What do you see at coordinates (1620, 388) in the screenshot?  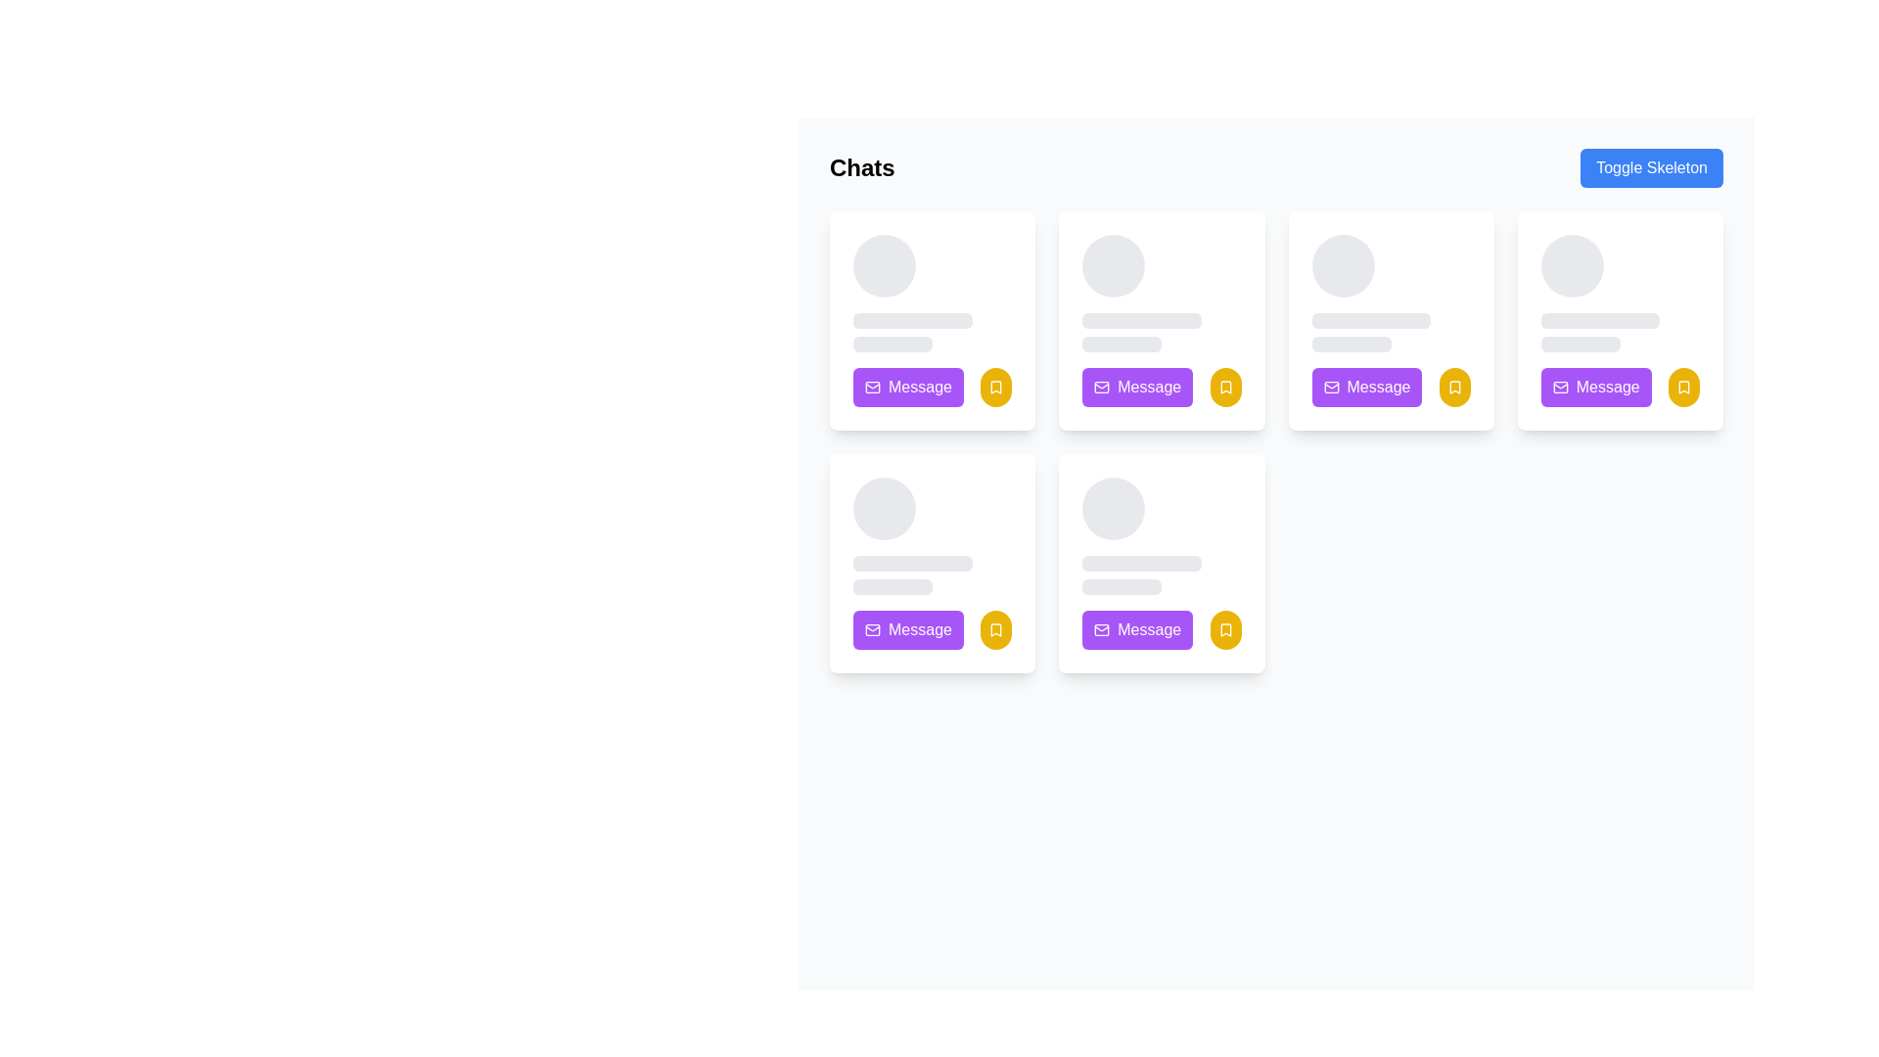 I see `the primary action button located at the bottom left corner of the rightmost card in the grid layout` at bounding box center [1620, 388].